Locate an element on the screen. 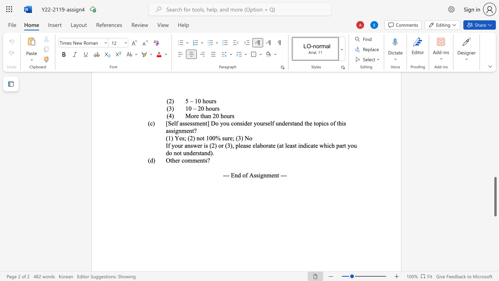 Image resolution: width=499 pixels, height=281 pixels. the vertical scrollbar to raise the page content is located at coordinates (495, 128).